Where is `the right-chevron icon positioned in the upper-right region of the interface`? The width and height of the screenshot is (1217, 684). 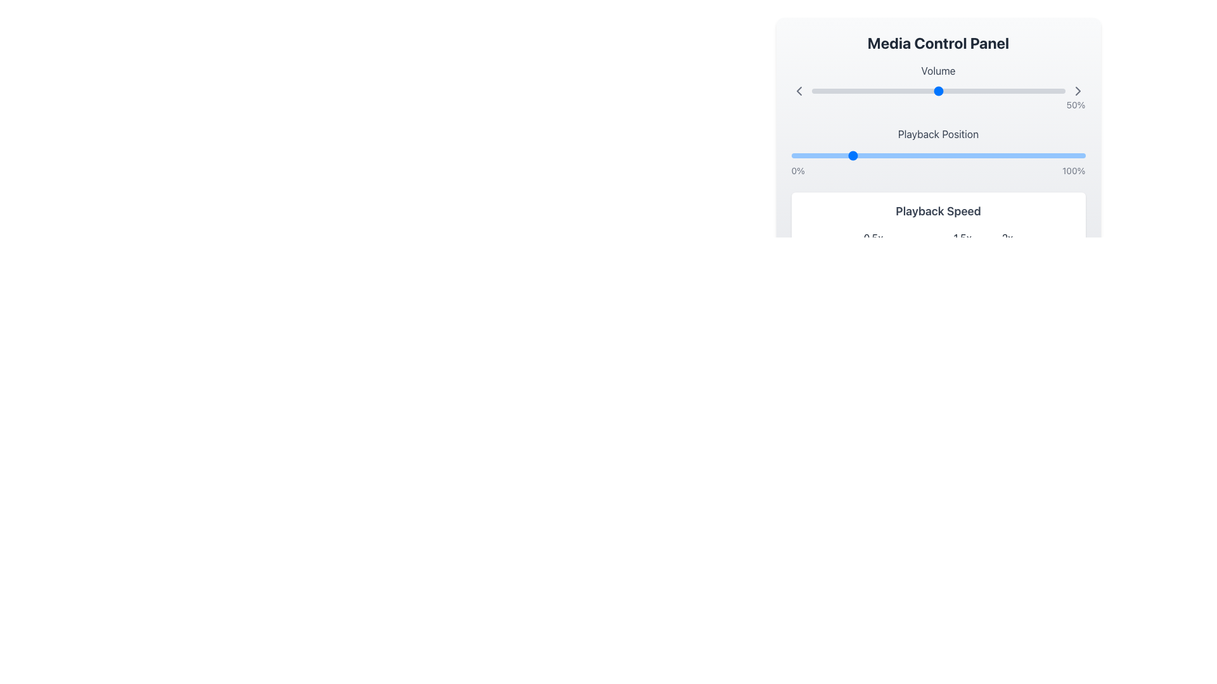
the right-chevron icon positioned in the upper-right region of the interface is located at coordinates (1077, 90).